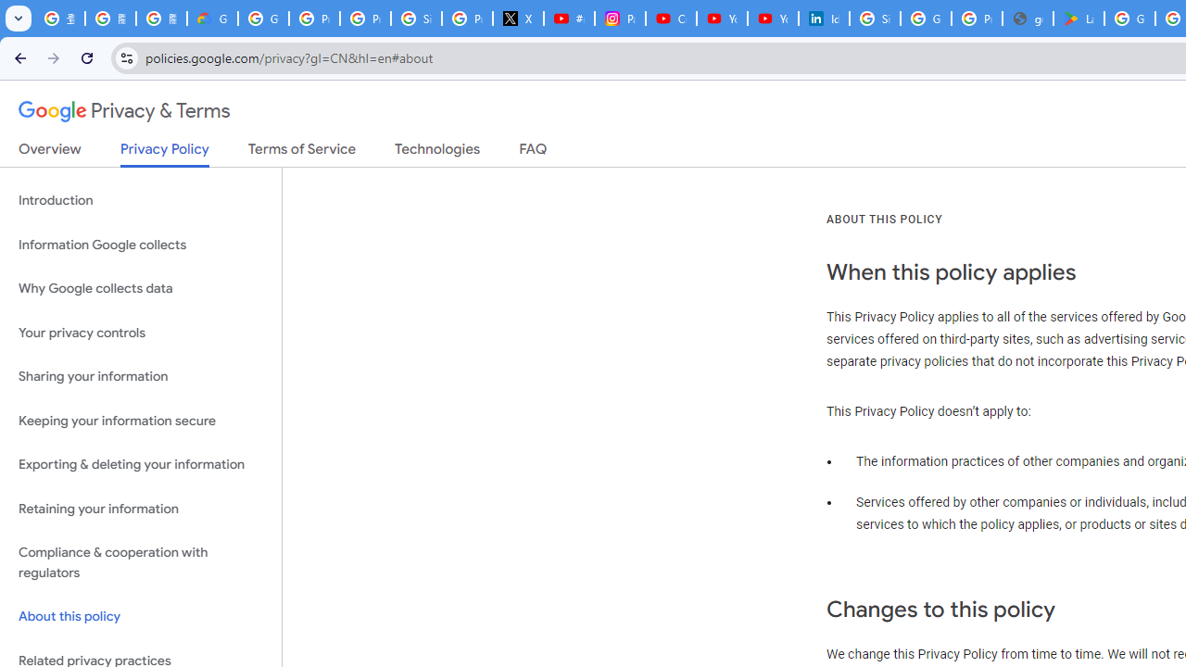 The image size is (1186, 667). What do you see at coordinates (140, 244) in the screenshot?
I see `'Information Google collects'` at bounding box center [140, 244].